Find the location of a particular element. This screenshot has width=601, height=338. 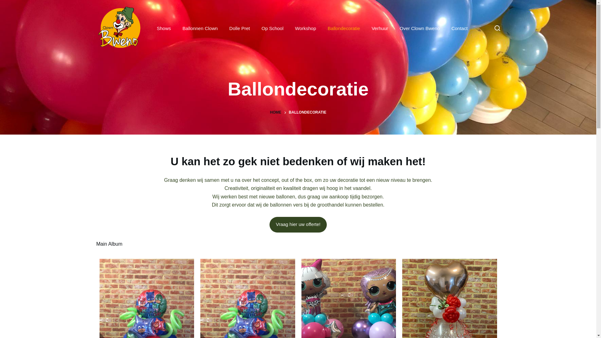

'Skip to content' is located at coordinates (6, 3).